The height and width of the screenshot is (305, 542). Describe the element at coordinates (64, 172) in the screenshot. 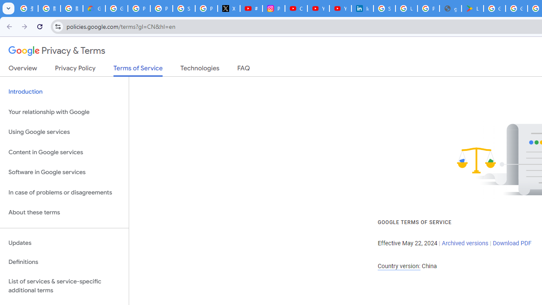

I see `'Software in Google services'` at that location.